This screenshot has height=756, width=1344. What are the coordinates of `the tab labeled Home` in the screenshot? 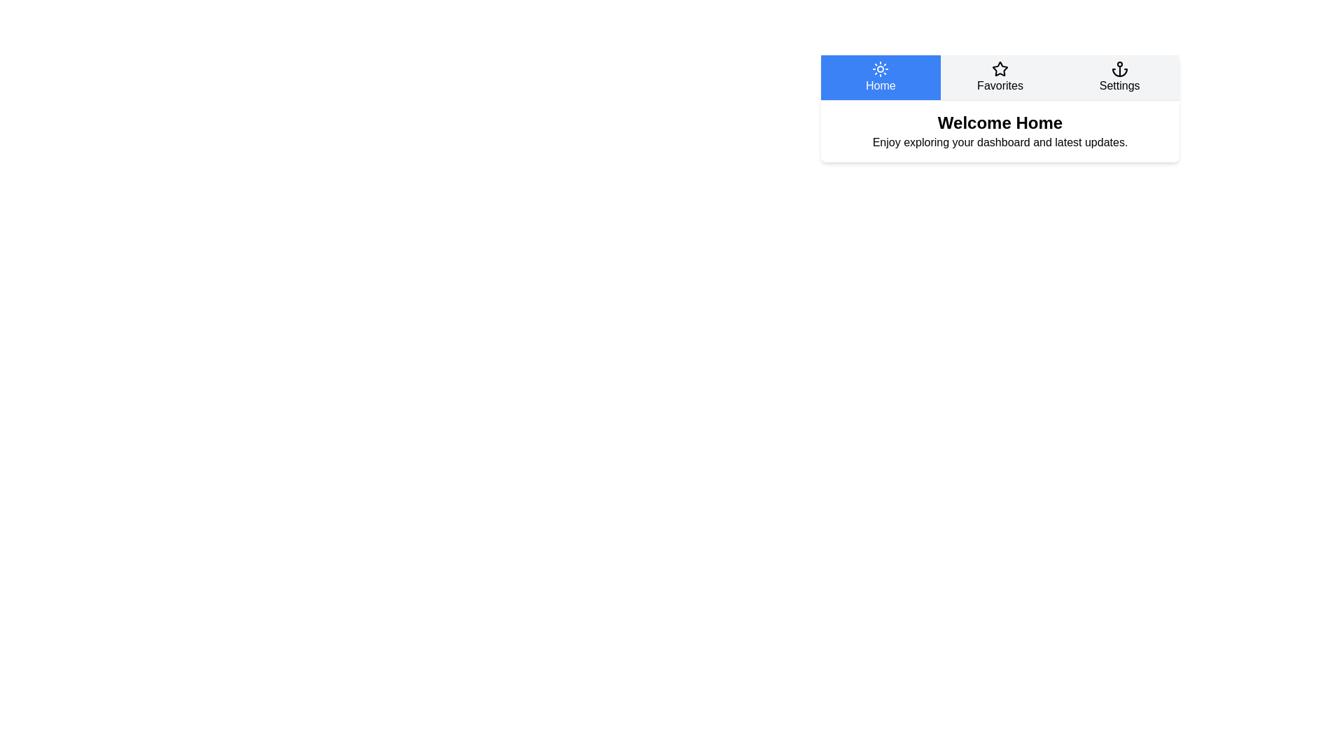 It's located at (879, 78).